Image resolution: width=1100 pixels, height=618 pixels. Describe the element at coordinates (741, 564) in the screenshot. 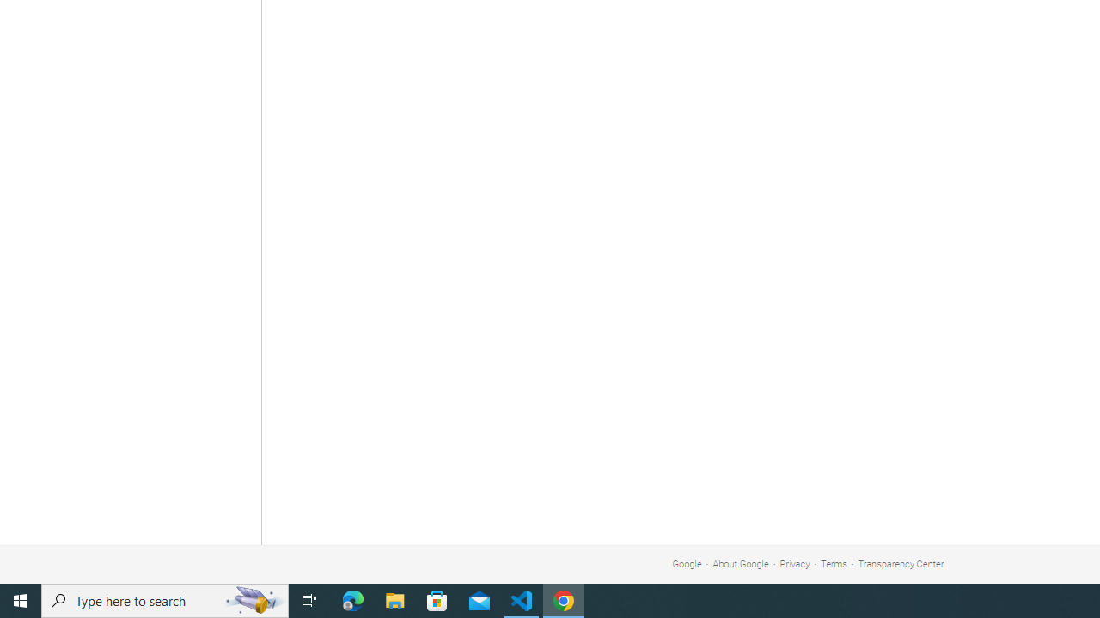

I see `'About Google'` at that location.